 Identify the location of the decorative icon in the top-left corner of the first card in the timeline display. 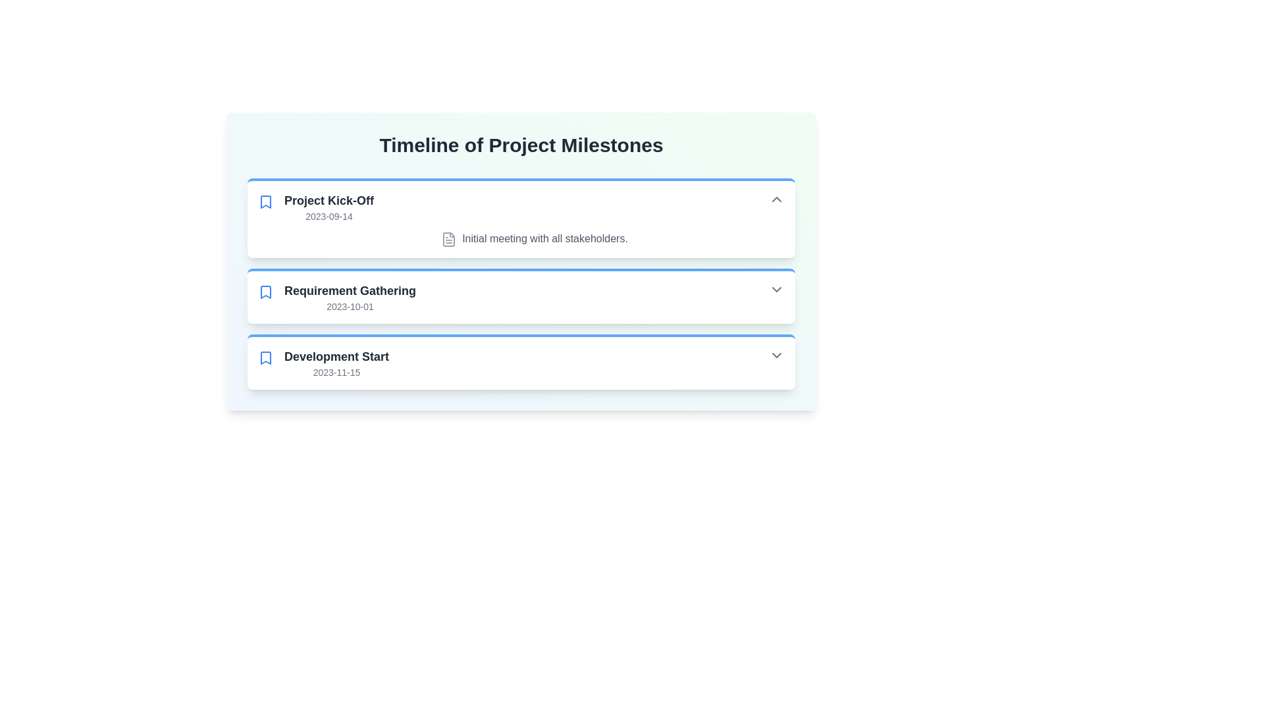
(265, 202).